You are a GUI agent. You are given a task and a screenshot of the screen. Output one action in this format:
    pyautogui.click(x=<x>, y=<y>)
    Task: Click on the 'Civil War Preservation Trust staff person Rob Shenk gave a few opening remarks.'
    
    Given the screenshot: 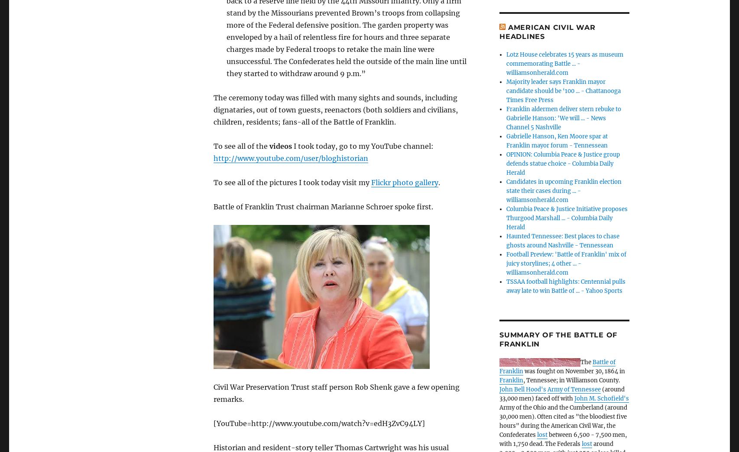 What is the action you would take?
    pyautogui.click(x=336, y=393)
    